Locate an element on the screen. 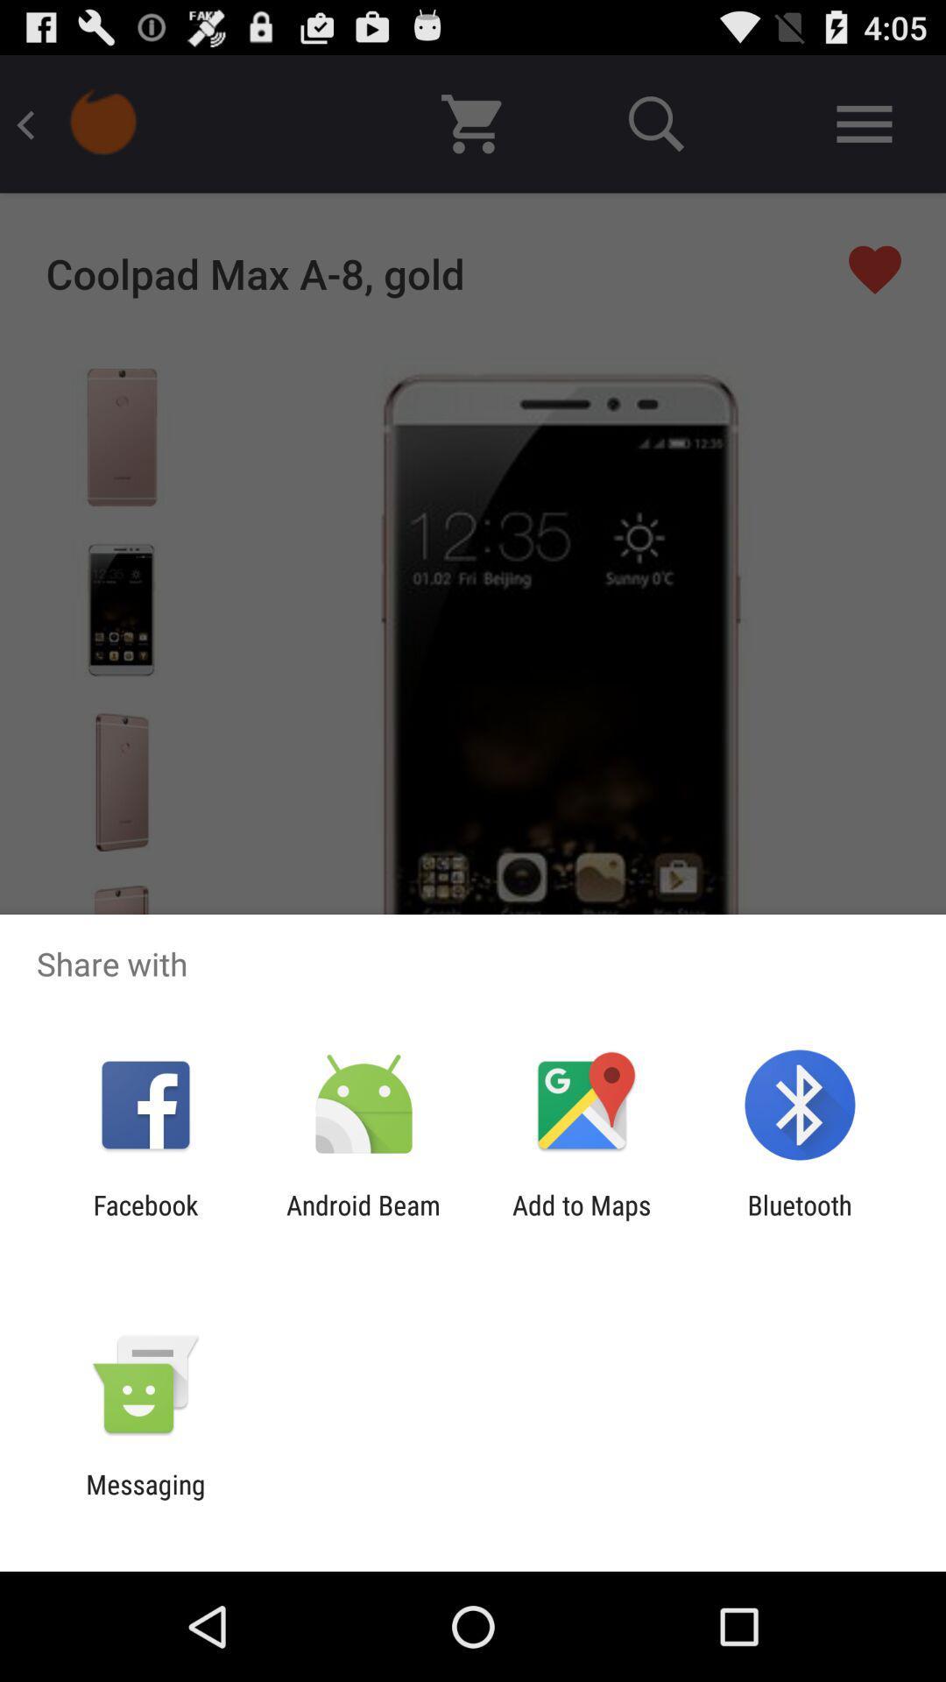 This screenshot has width=946, height=1682. facebook is located at coordinates (145, 1219).